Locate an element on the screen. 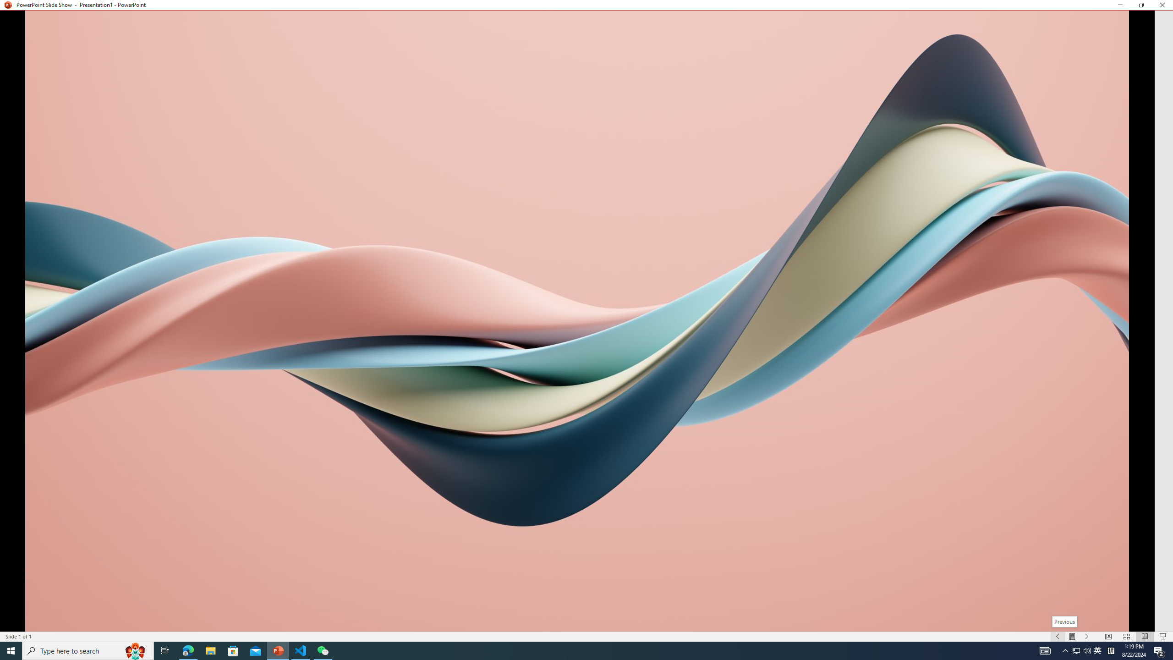 Image resolution: width=1173 pixels, height=660 pixels. 'Previous' is located at coordinates (1064, 621).